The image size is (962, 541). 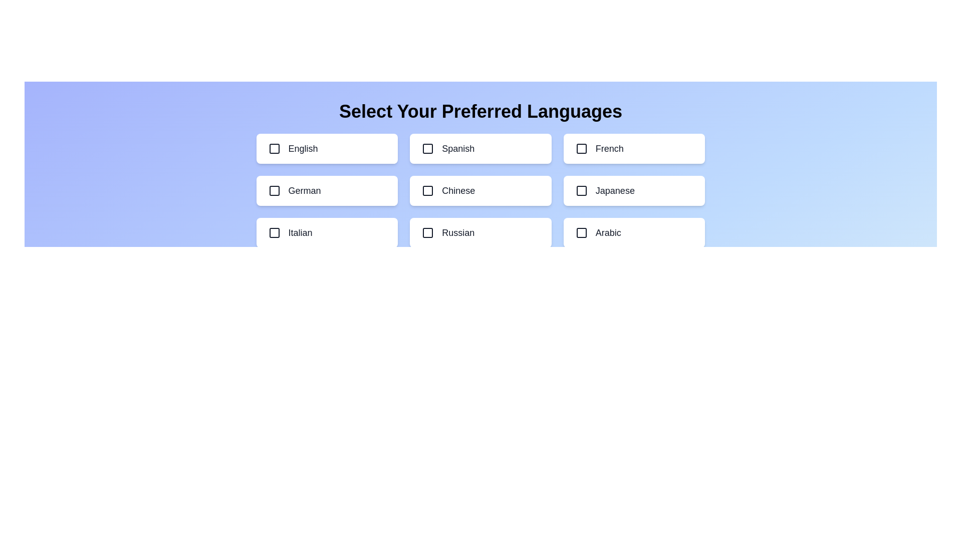 I want to click on the language option Japanese, so click(x=634, y=191).